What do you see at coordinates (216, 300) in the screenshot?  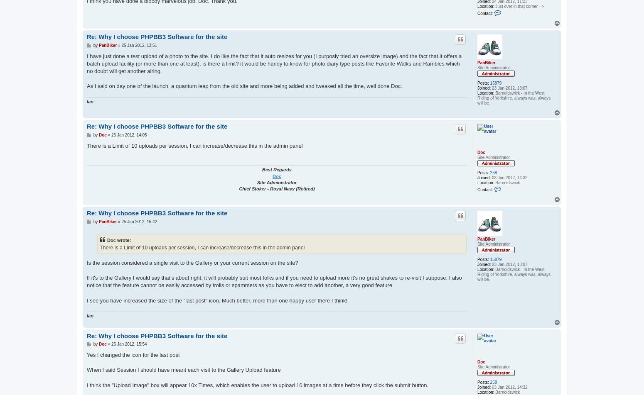 I see `'I see you have increased the size of the "last post" icon. Much better, more than one happy user there I think!'` at bounding box center [216, 300].